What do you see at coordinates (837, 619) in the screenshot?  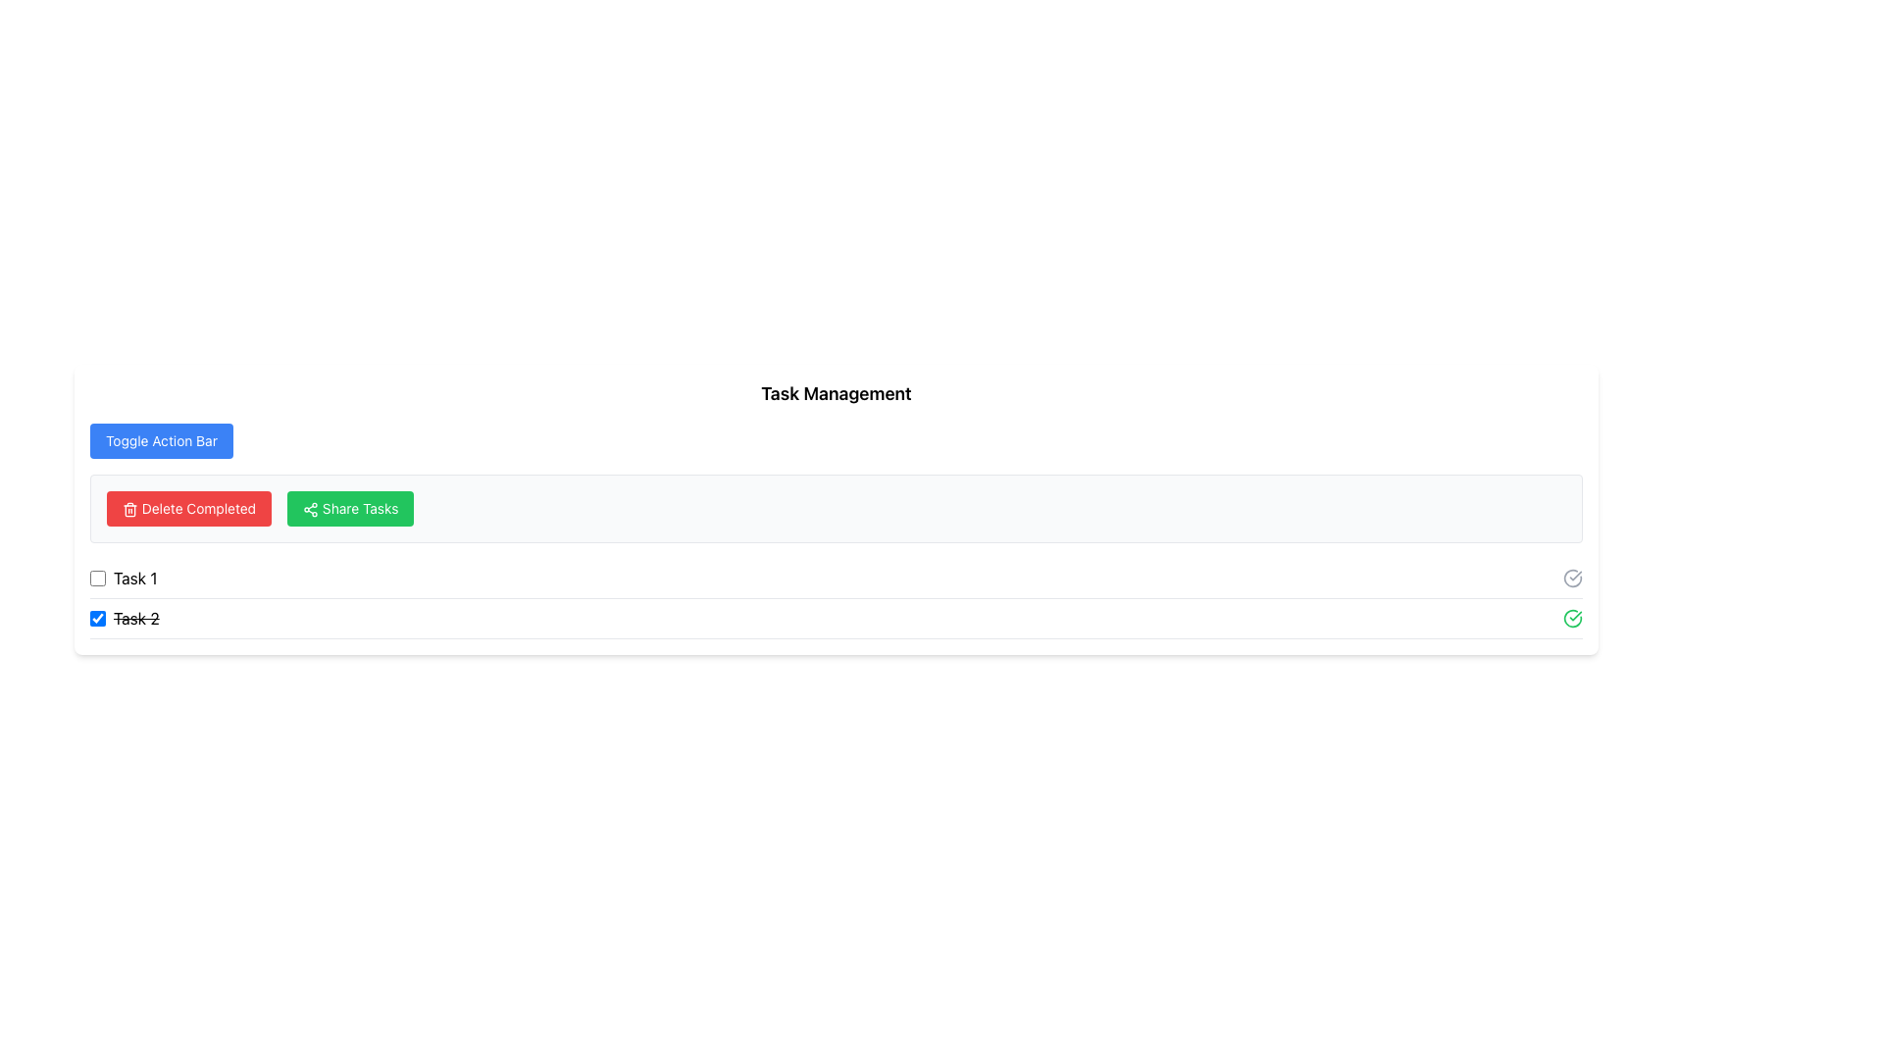 I see `the completed task item labeled 'Task 2'` at bounding box center [837, 619].